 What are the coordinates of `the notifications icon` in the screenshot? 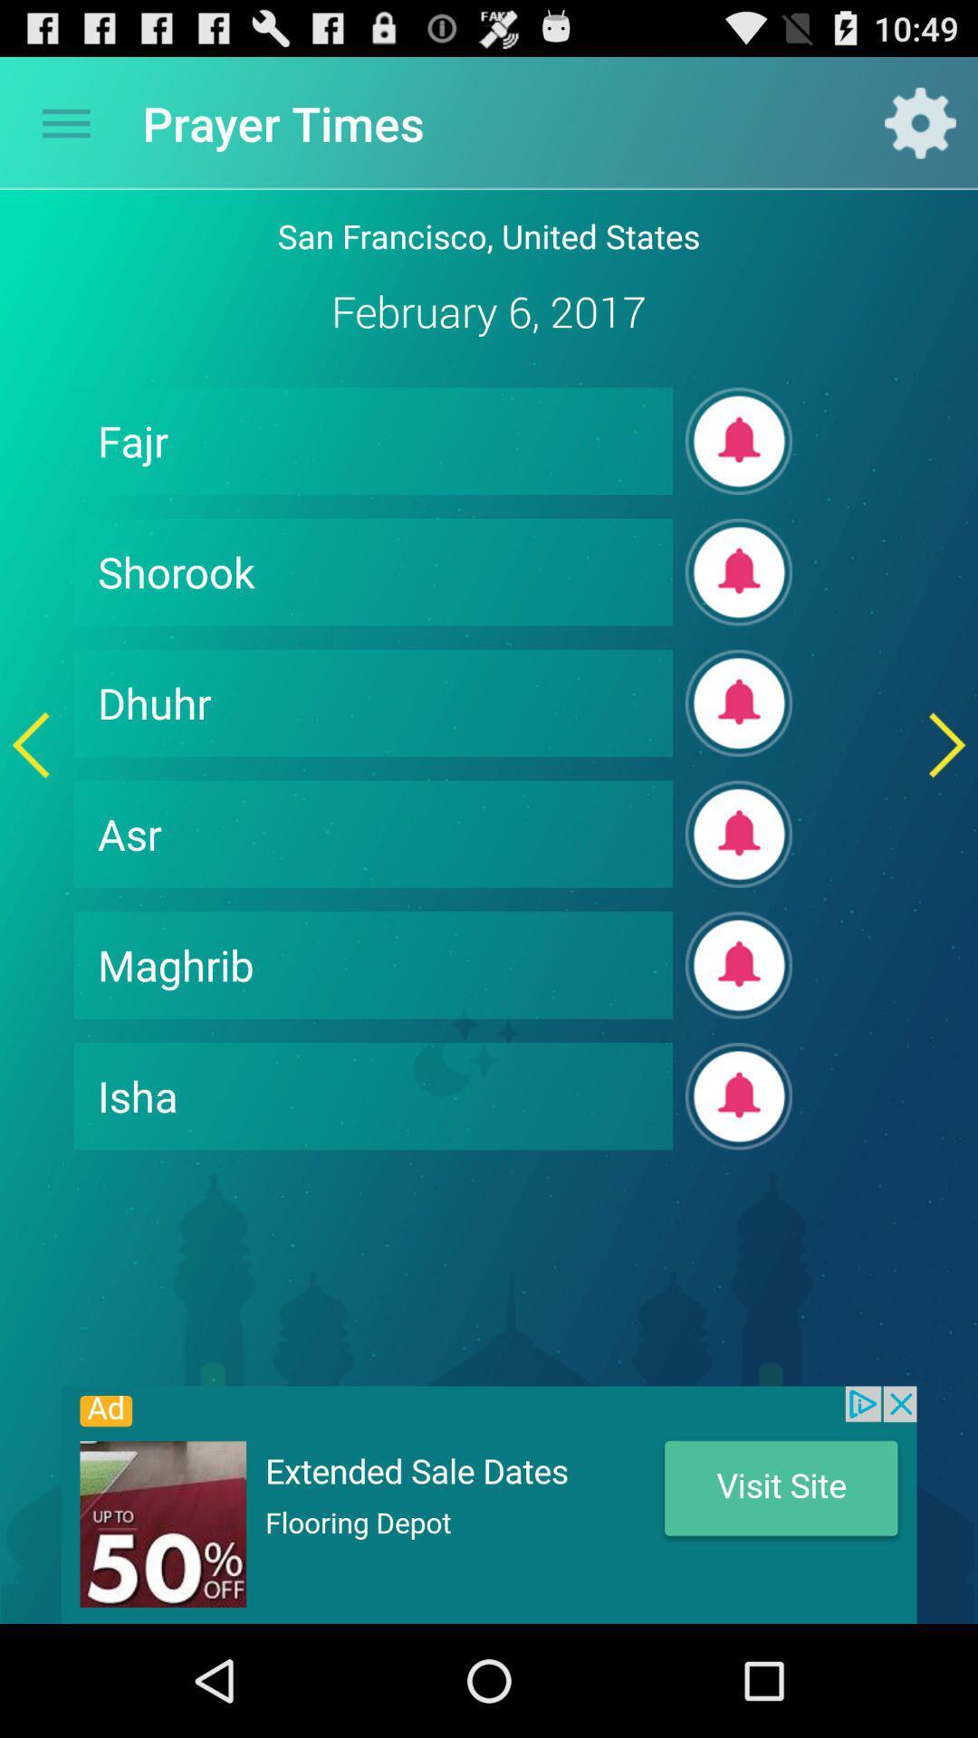 It's located at (739, 752).